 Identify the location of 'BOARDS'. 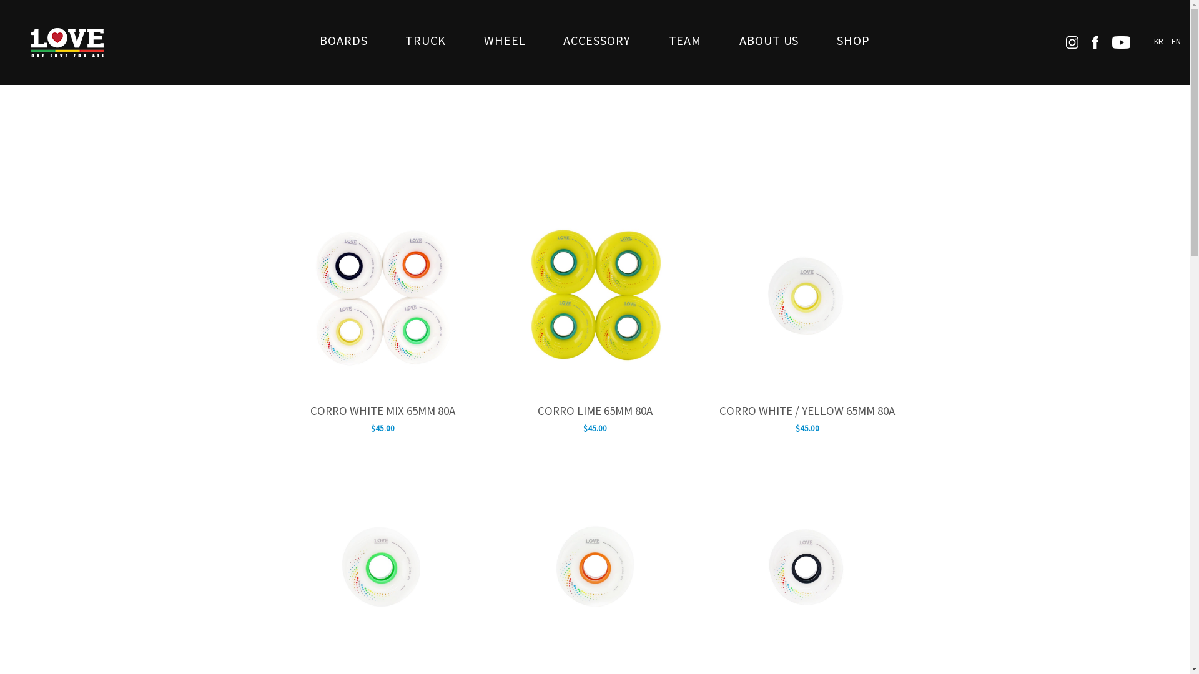
(343, 41).